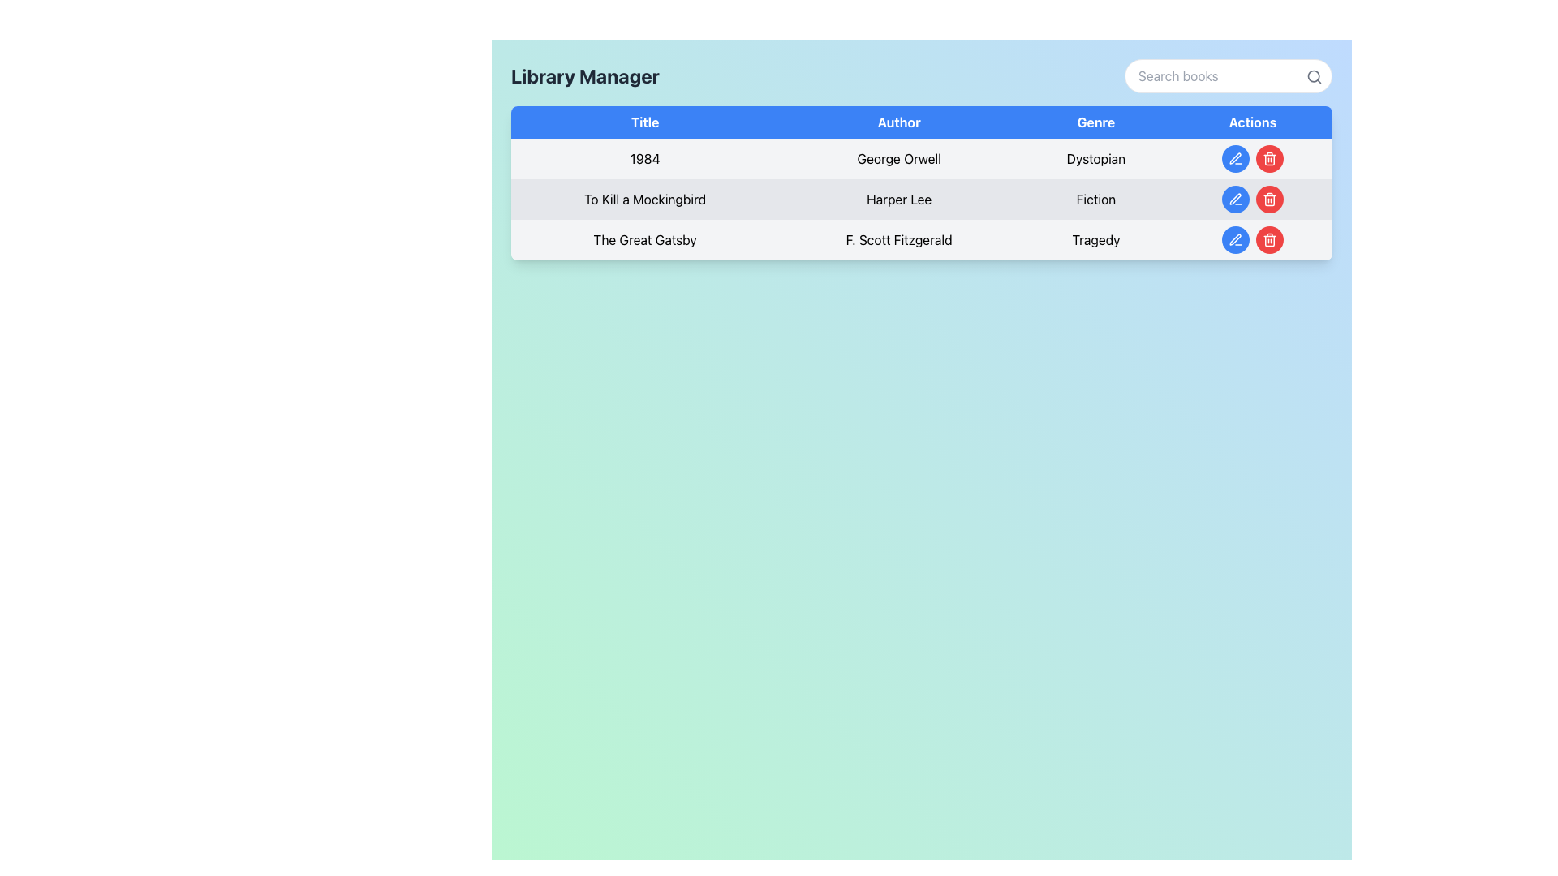 The image size is (1558, 876). I want to click on the button group consisting of an 'Edit' button (blue with a pen icon) and a 'Delete' button (red with a trash bin icon) located in the 'Actions' column of the table row for the book 'To Kill a Mockingbird', so click(1251, 199).